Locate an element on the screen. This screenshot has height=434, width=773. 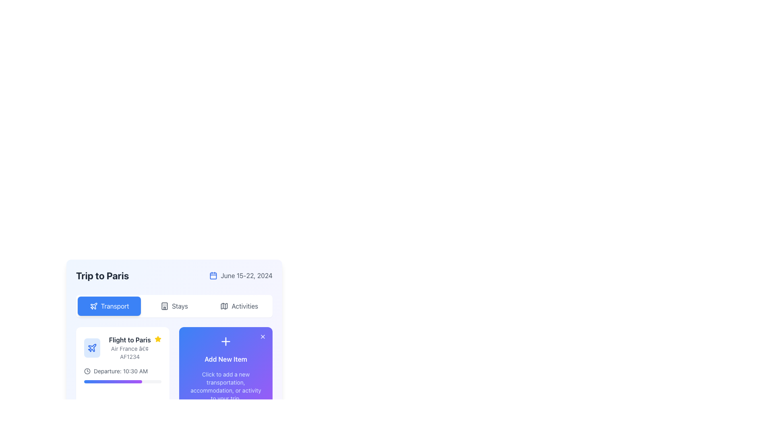
text label that serves as a title or header for the flight details in the 'Transport' section of the travel itinerary interface, positioned above the airline name and flight number is located at coordinates (130, 340).